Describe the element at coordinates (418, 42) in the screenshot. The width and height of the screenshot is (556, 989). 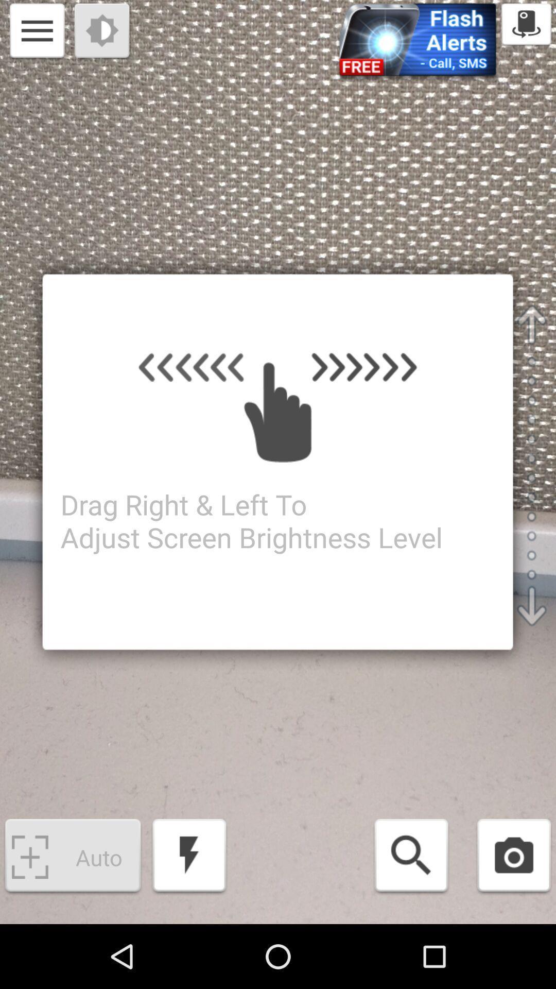
I see `open free flash alerts advertisement` at that location.